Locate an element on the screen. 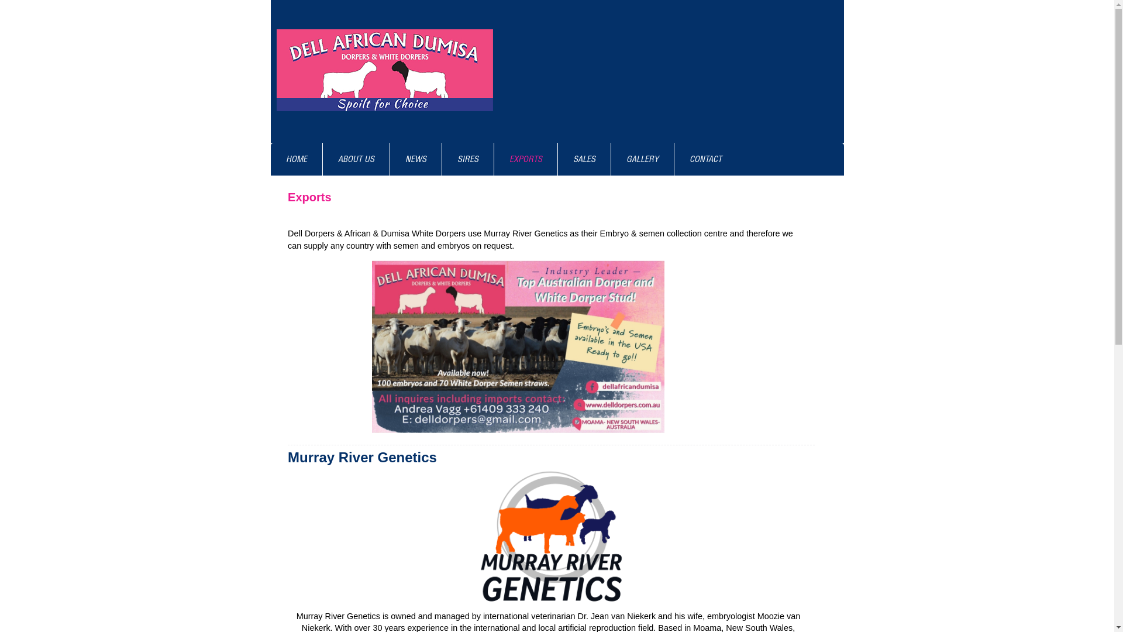 The image size is (1123, 632). 'NEWS' is located at coordinates (415, 159).